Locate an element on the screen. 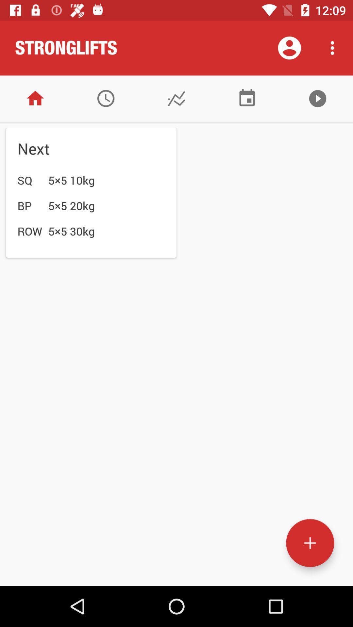  show calendar is located at coordinates (247, 98).